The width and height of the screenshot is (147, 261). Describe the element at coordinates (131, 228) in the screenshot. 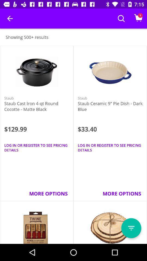

I see `contact support` at that location.